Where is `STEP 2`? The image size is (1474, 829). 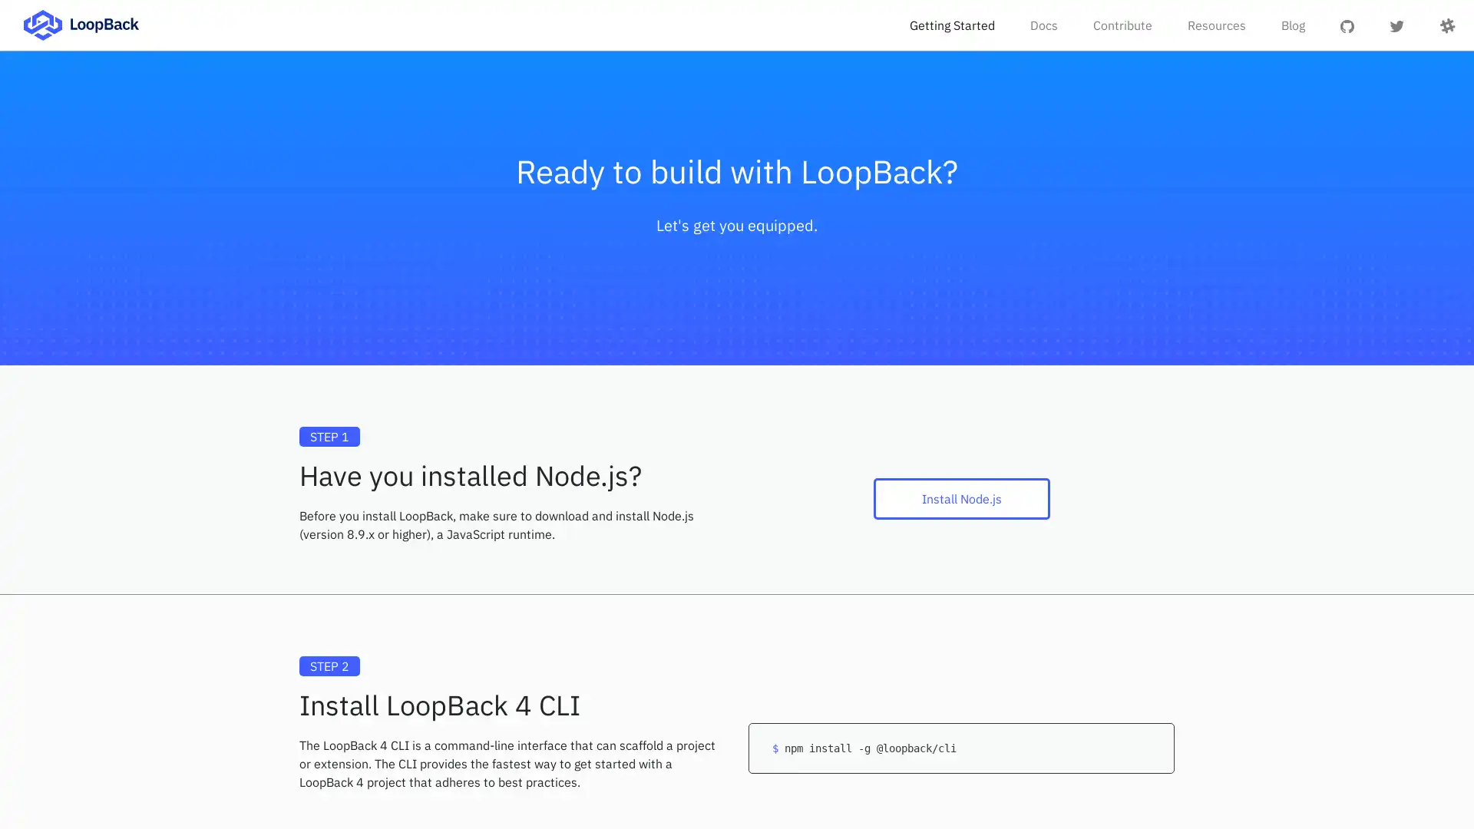 STEP 2 is located at coordinates (329, 665).